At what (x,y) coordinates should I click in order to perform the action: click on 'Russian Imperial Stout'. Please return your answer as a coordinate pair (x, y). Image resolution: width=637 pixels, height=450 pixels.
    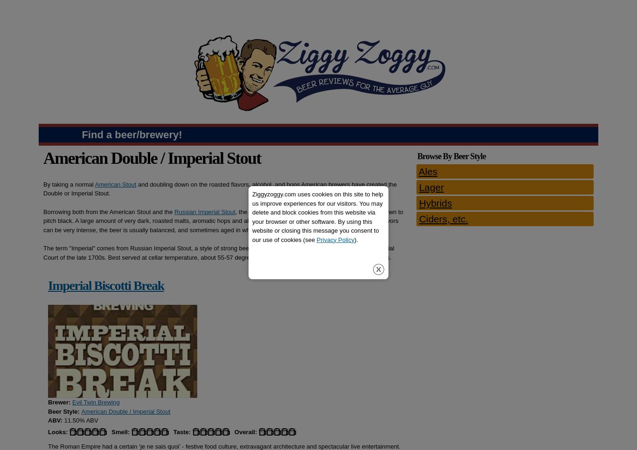
    Looking at the image, I should click on (174, 211).